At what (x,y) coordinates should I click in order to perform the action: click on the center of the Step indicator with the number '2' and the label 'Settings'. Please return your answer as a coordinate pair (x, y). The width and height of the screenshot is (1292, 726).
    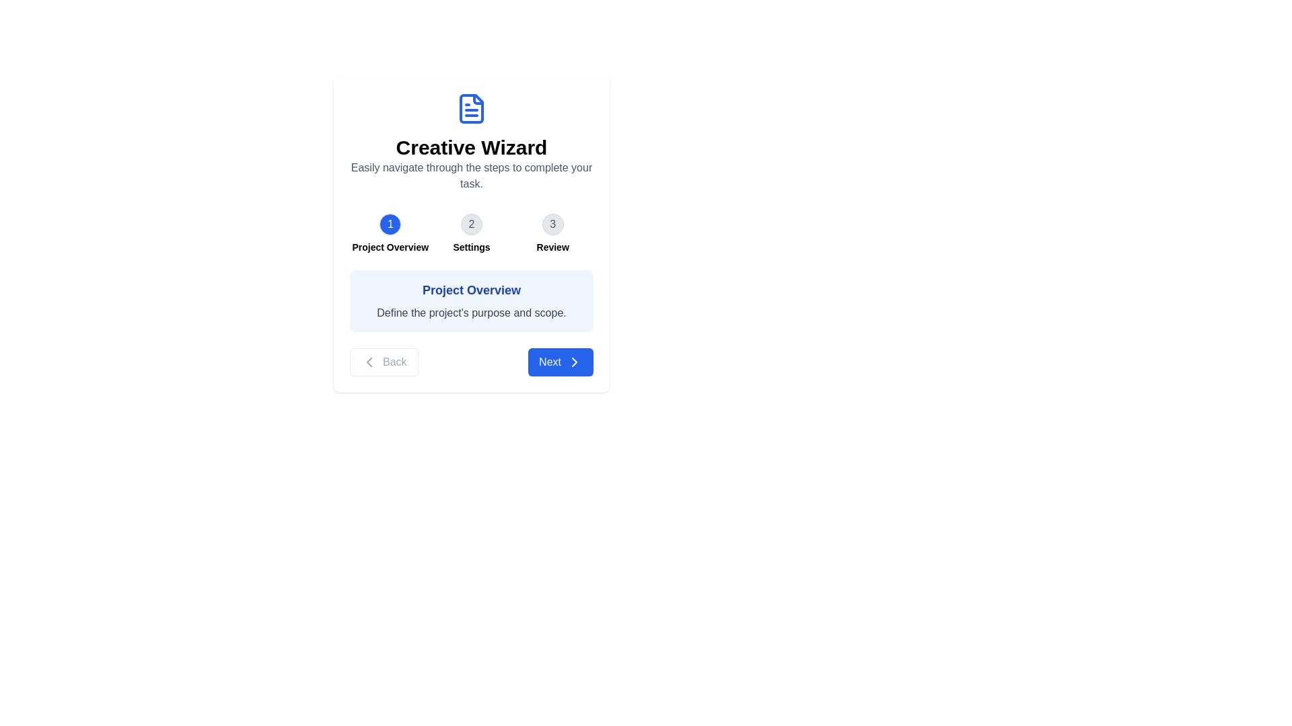
    Looking at the image, I should click on (471, 233).